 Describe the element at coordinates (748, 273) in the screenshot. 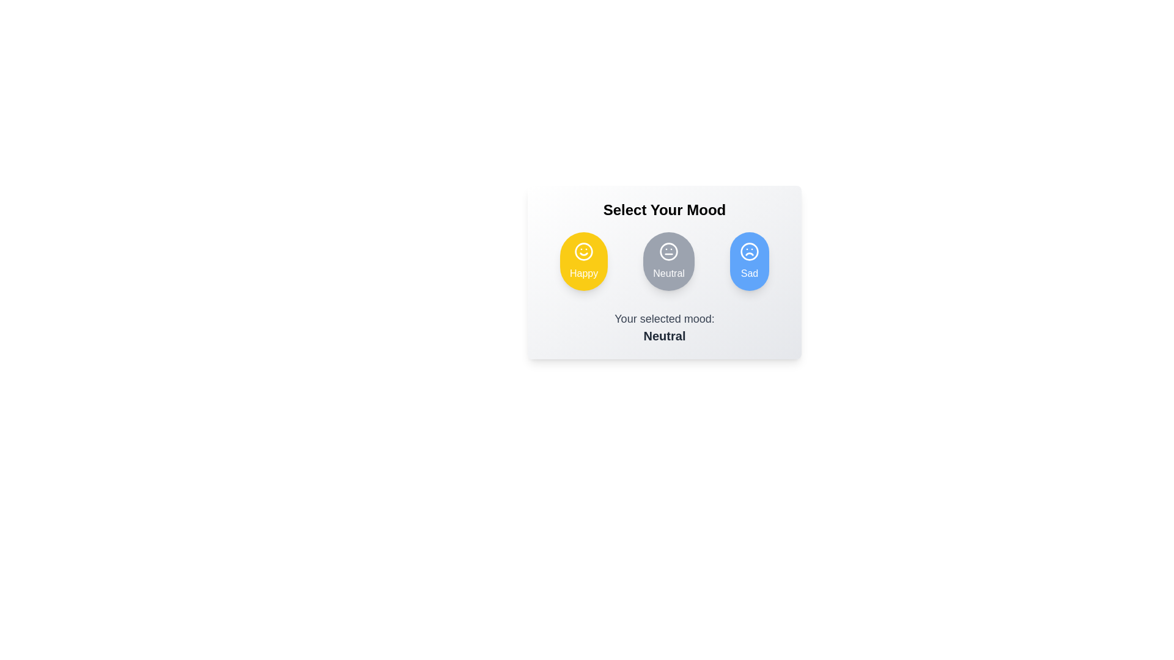

I see `text label 'Sad' located at the bottom of the blue circular mood indicator, which is the rightmost option in the mood selector` at that location.